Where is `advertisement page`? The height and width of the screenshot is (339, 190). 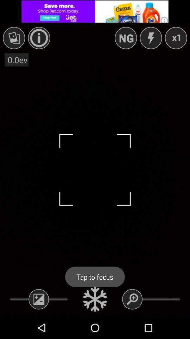
advertisement page is located at coordinates (95, 11).